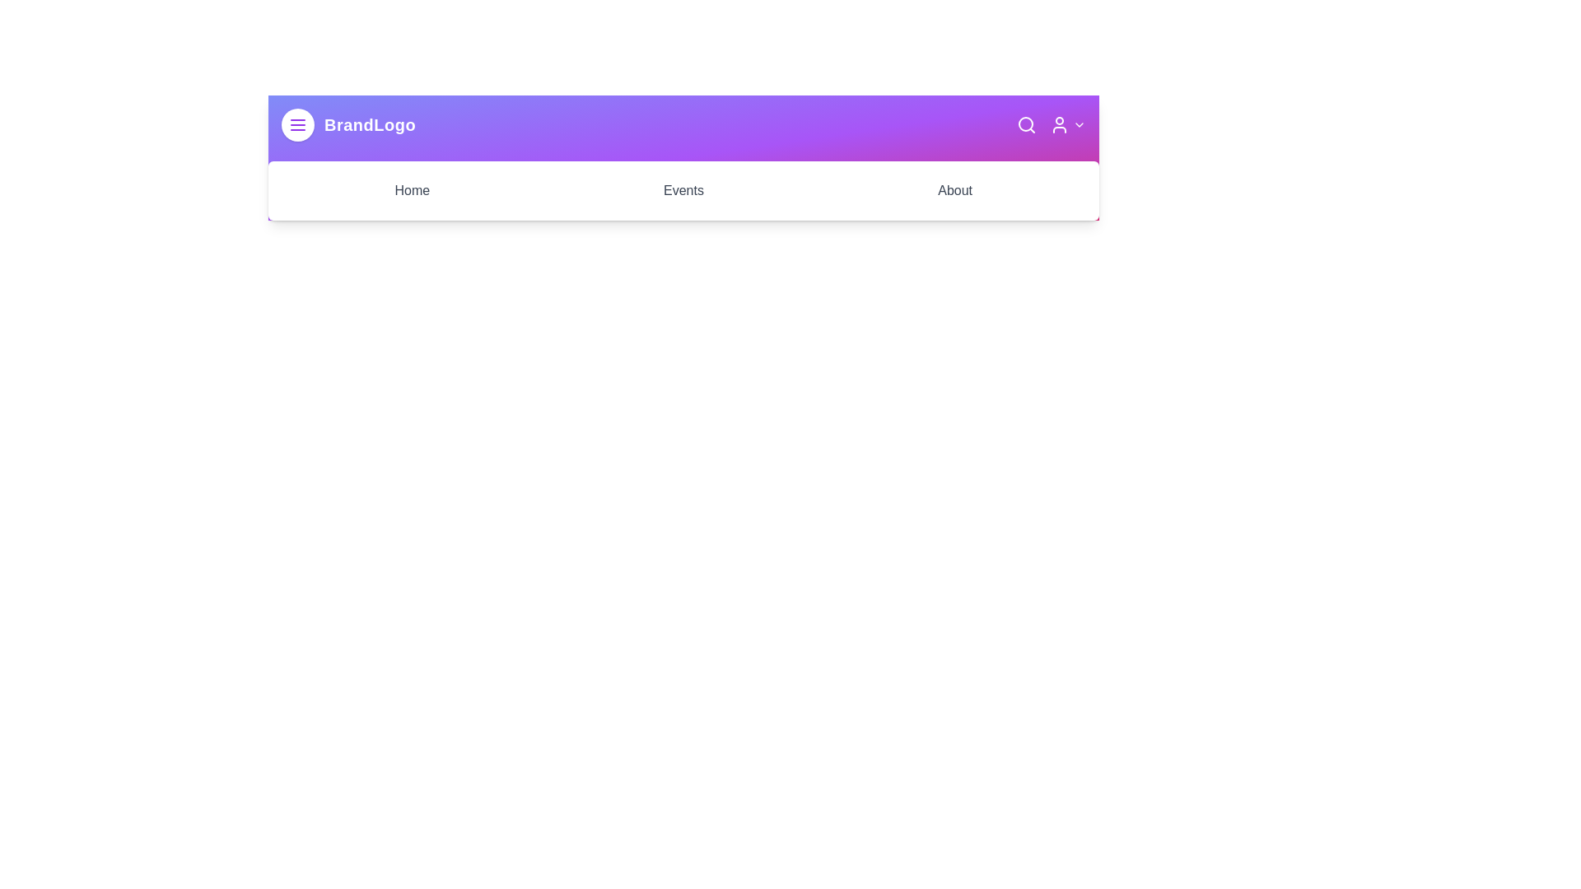  Describe the element at coordinates (411, 189) in the screenshot. I see `the Home button in the navigation bar` at that location.